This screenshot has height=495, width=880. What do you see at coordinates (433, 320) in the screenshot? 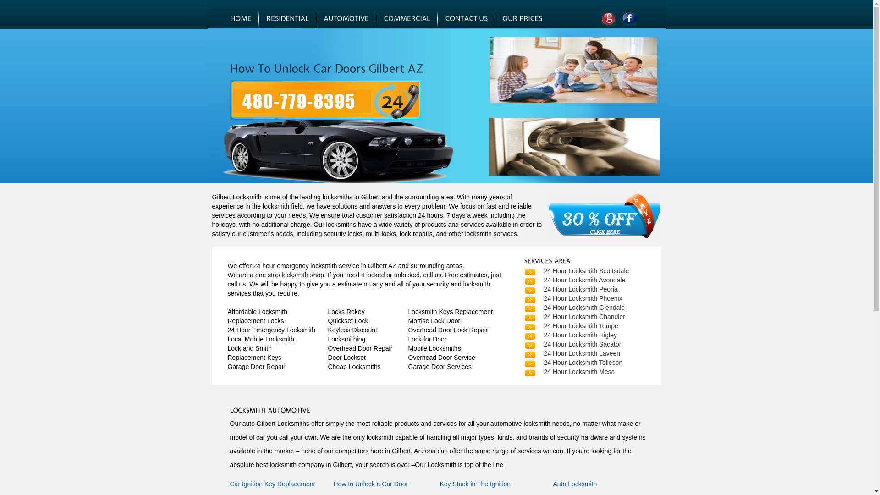
I see `'Mortise Lock Door'` at bounding box center [433, 320].